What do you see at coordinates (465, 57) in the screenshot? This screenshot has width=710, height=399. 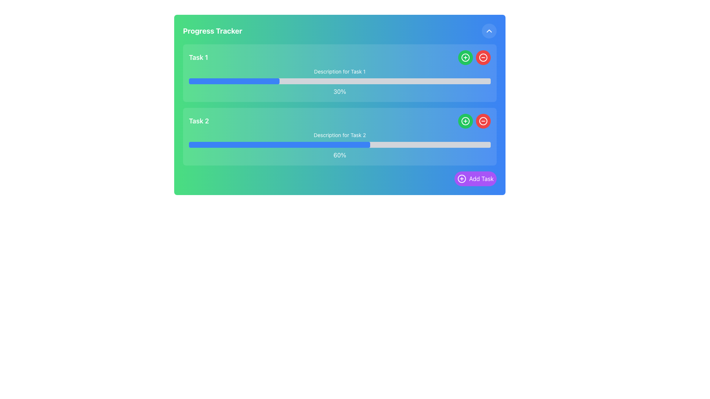 I see `the circular green button with a white plus symbol located at the top-right corner of the first task row` at bounding box center [465, 57].